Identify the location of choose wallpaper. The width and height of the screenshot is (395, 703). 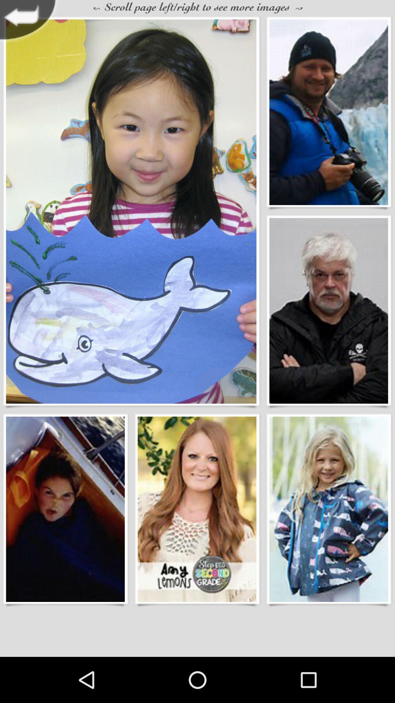
(196, 509).